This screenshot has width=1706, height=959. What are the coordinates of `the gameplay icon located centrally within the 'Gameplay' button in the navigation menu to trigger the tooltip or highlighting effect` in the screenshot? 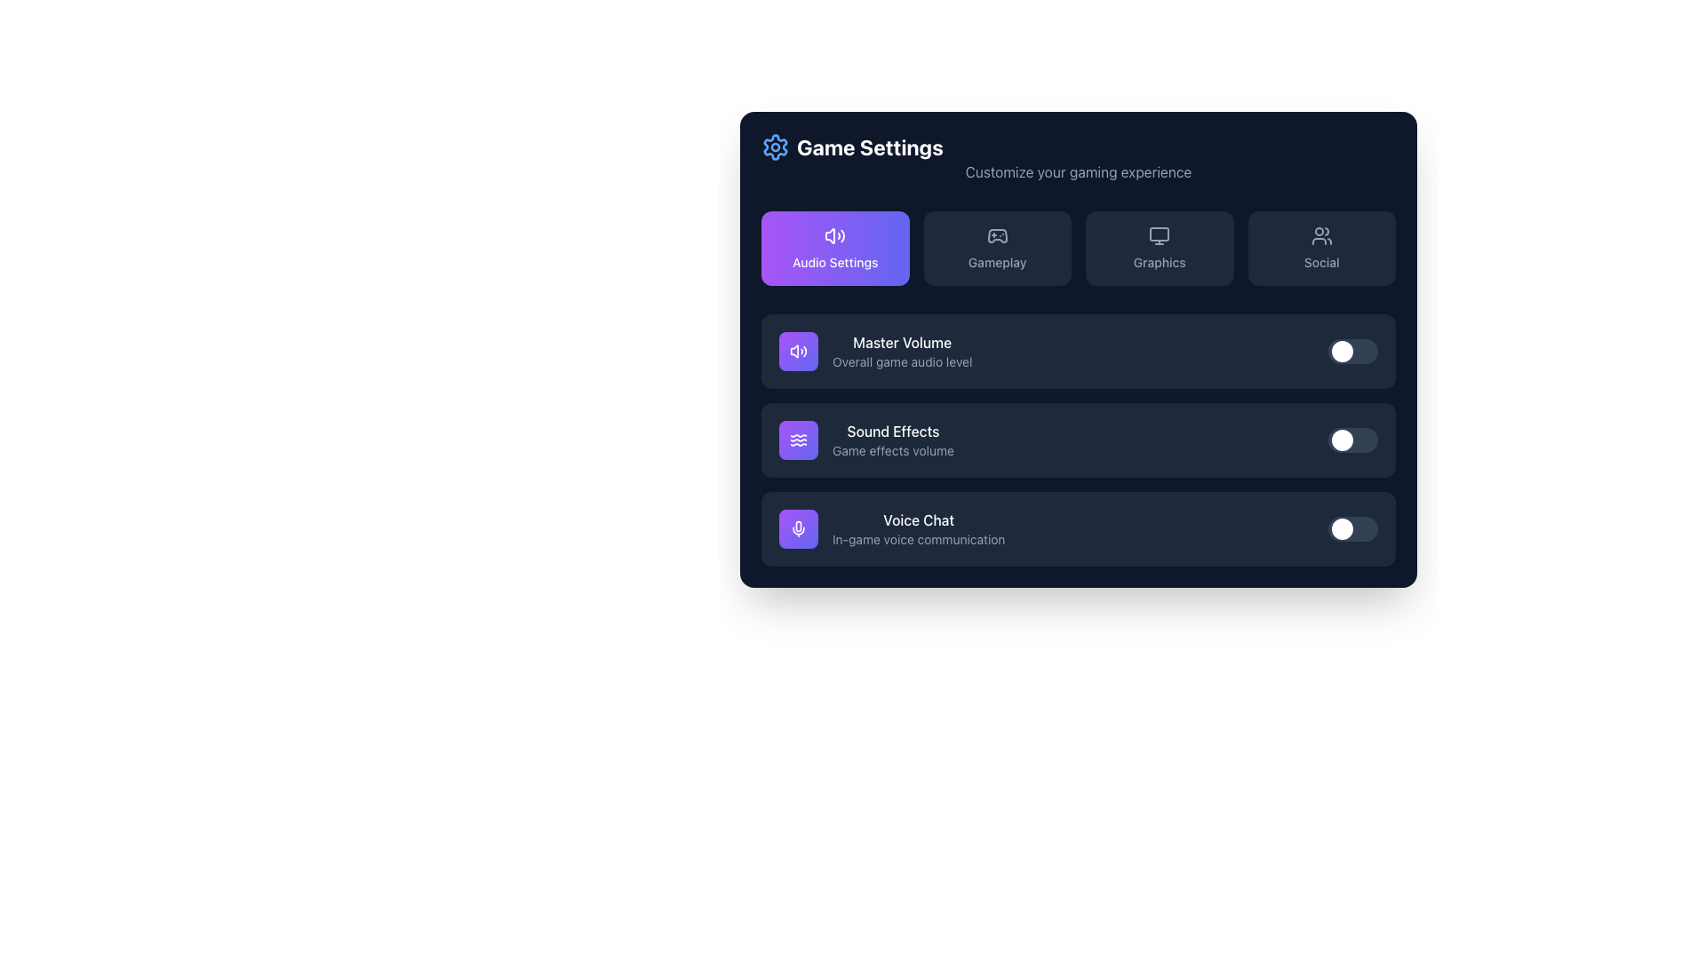 It's located at (997, 235).